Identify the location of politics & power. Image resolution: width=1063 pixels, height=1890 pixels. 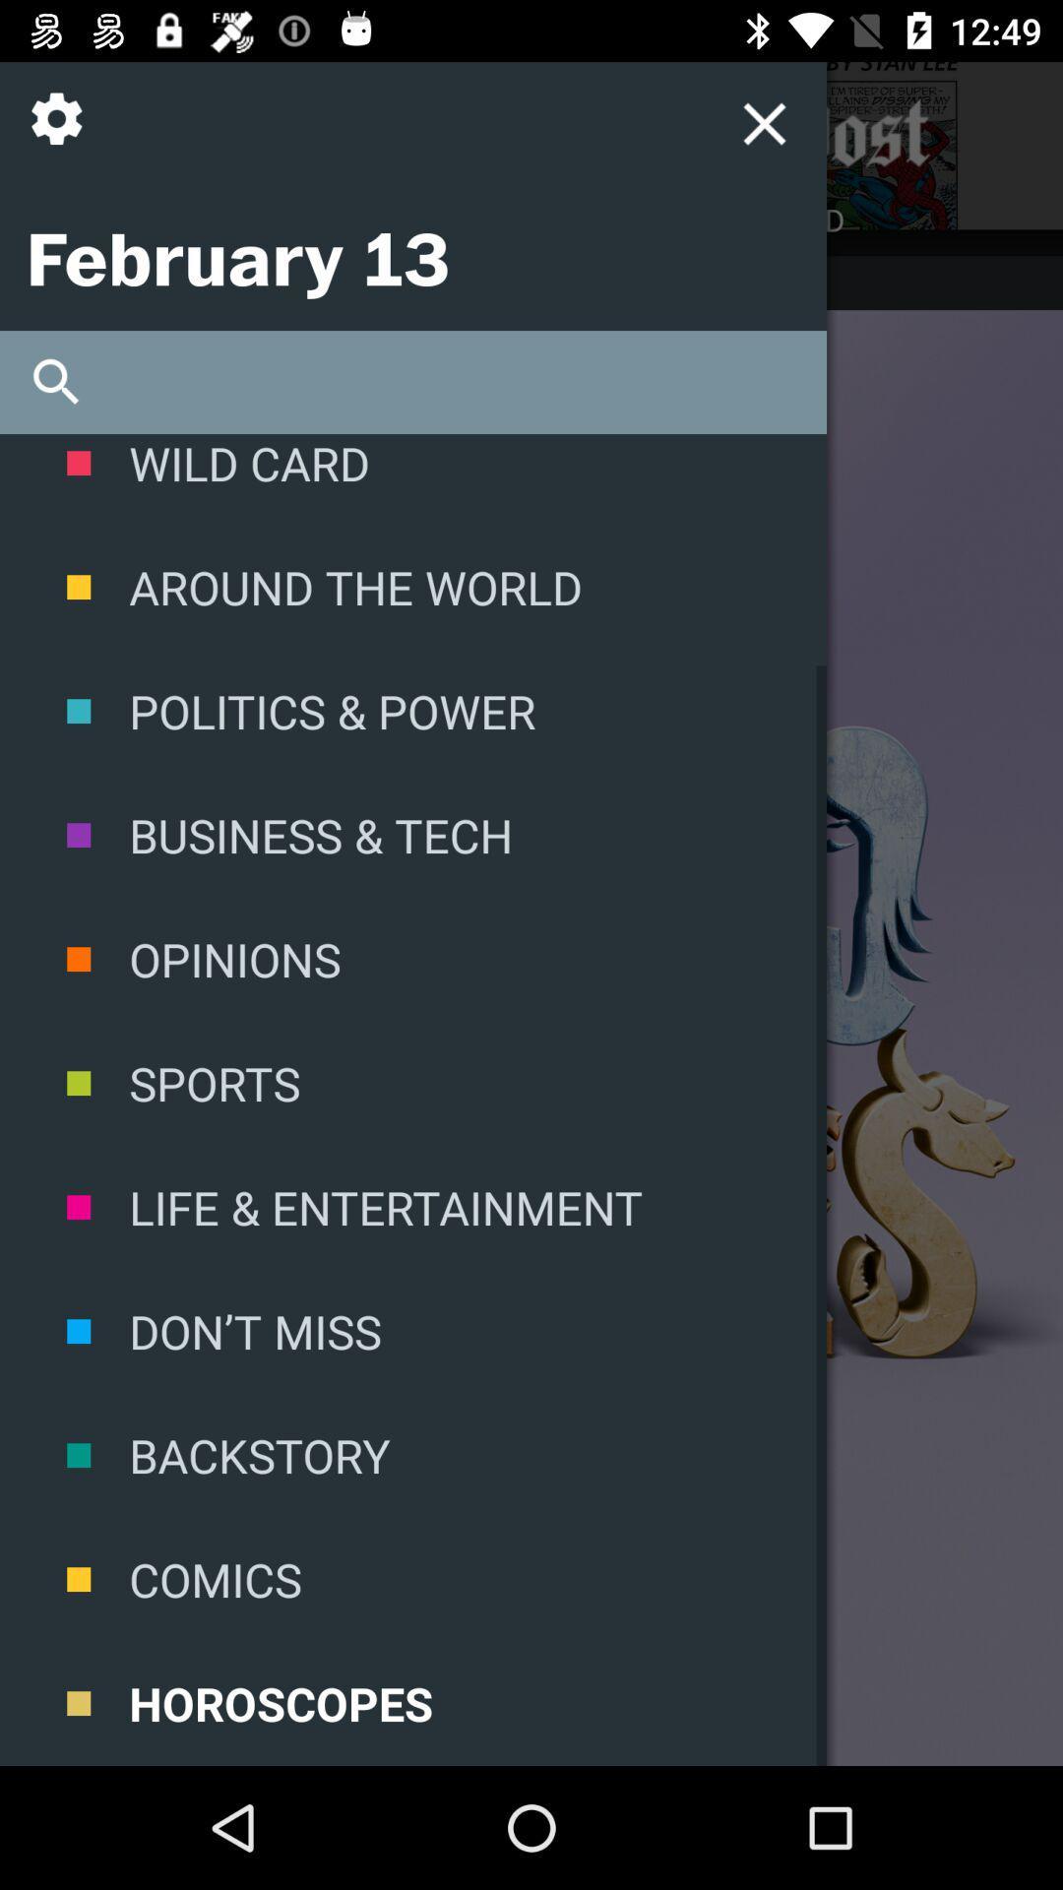
(412, 710).